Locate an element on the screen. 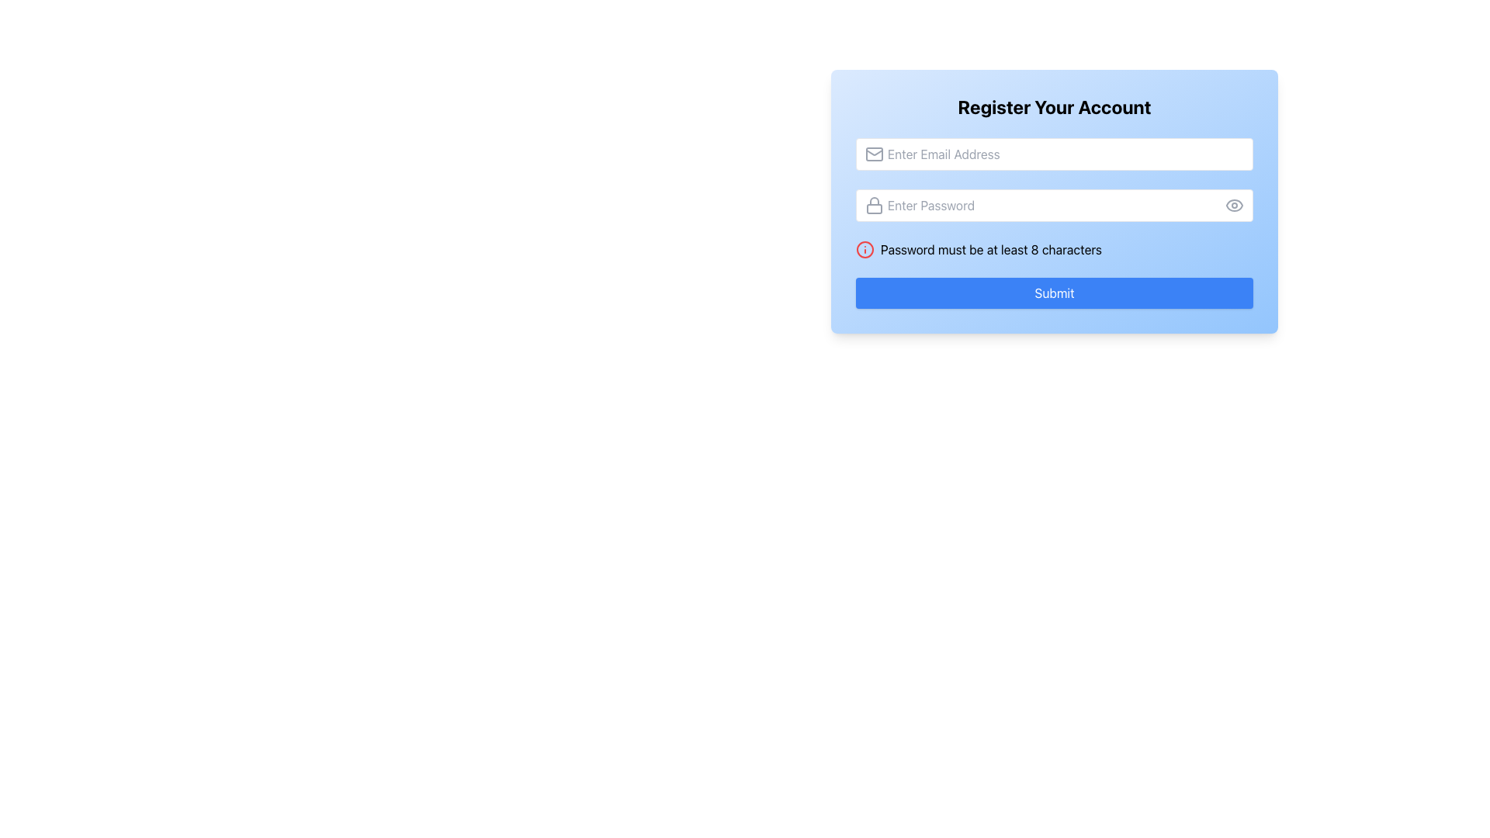  the gray lock icon positioned to the left of the 'Enter Password' input field is located at coordinates (875, 205).